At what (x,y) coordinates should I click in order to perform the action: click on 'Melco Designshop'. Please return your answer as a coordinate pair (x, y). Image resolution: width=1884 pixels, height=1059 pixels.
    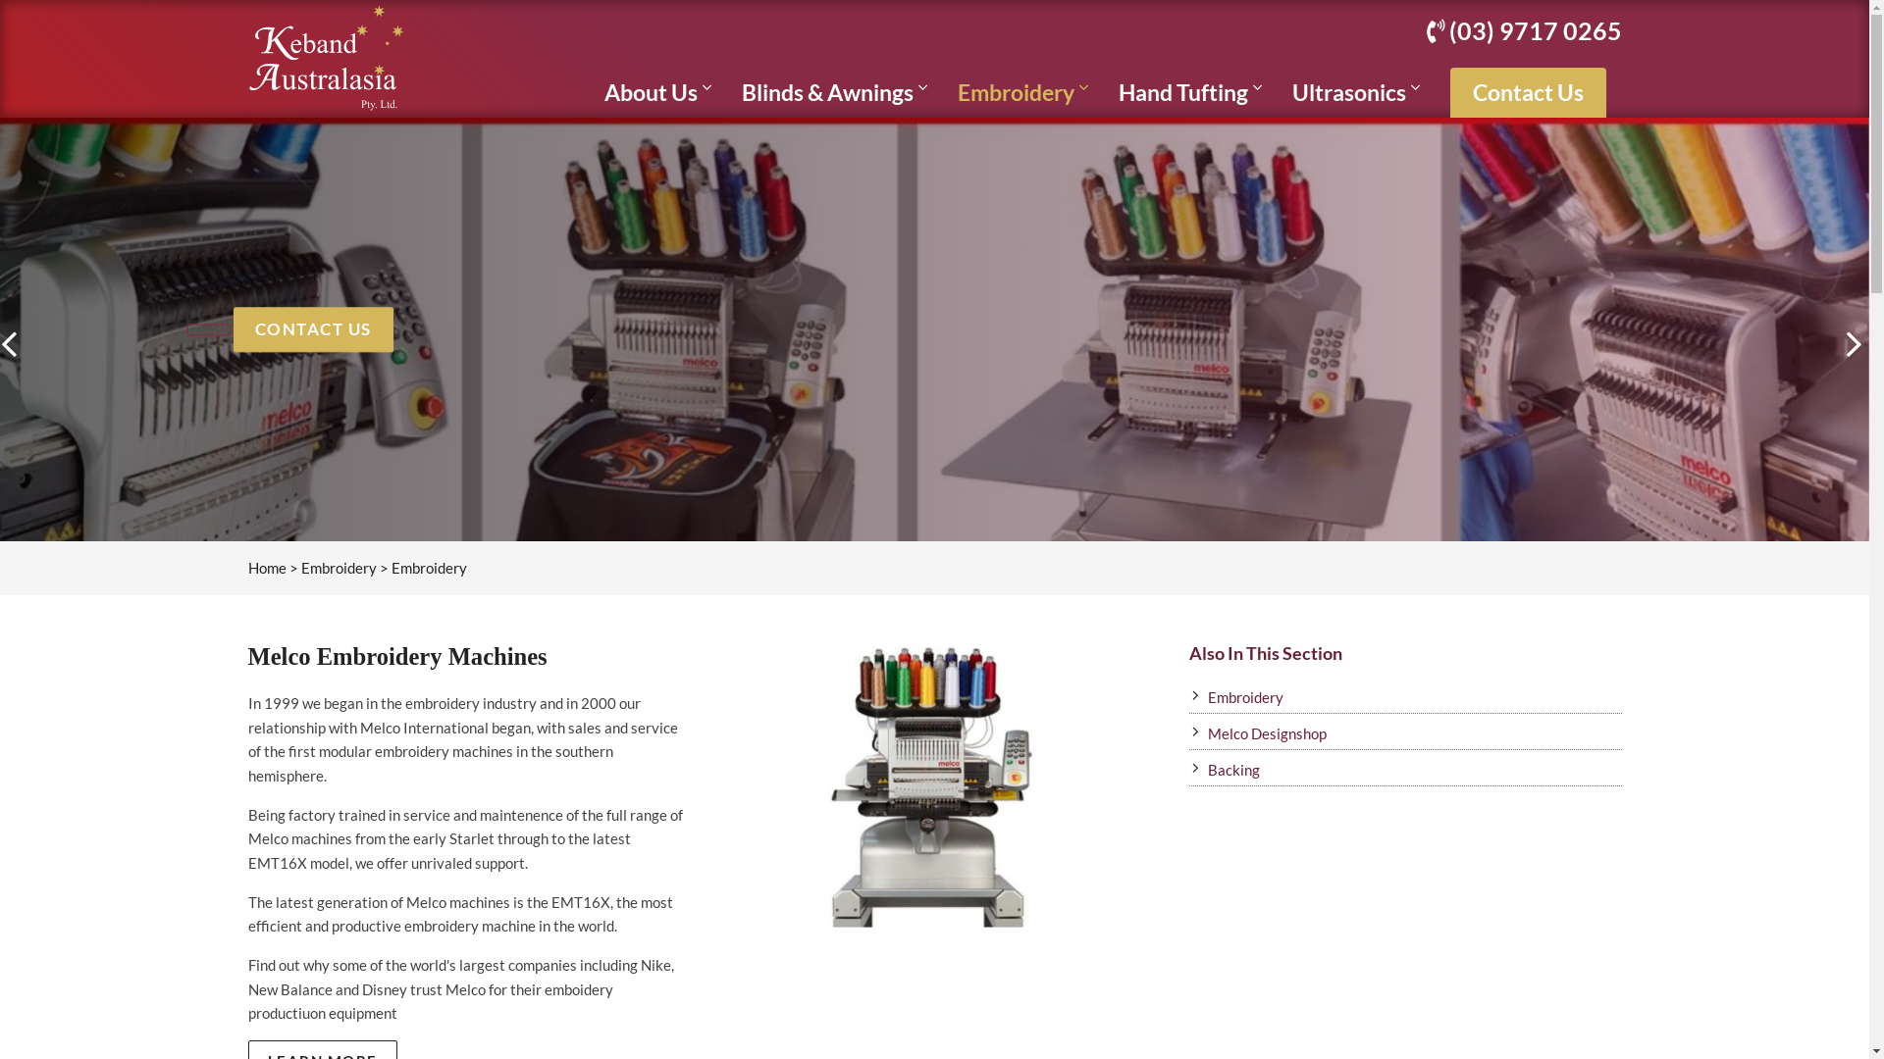
    Looking at the image, I should click on (1403, 733).